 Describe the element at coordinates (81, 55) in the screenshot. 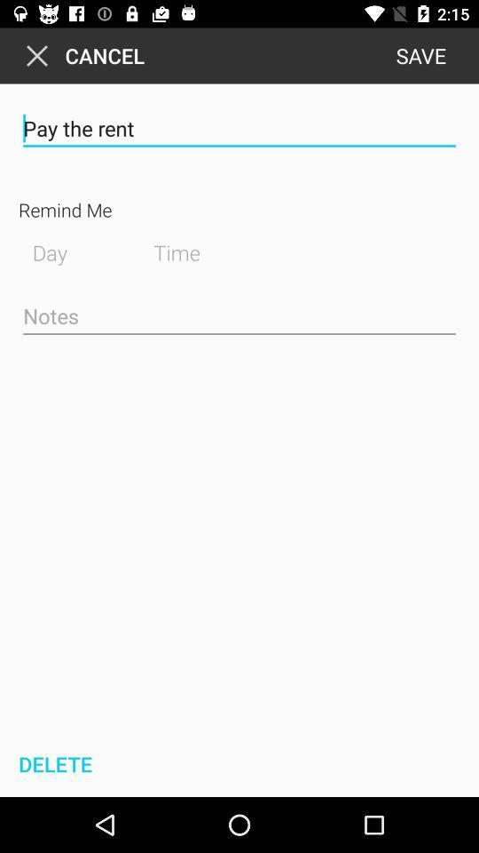

I see `the icon next to the save icon` at that location.